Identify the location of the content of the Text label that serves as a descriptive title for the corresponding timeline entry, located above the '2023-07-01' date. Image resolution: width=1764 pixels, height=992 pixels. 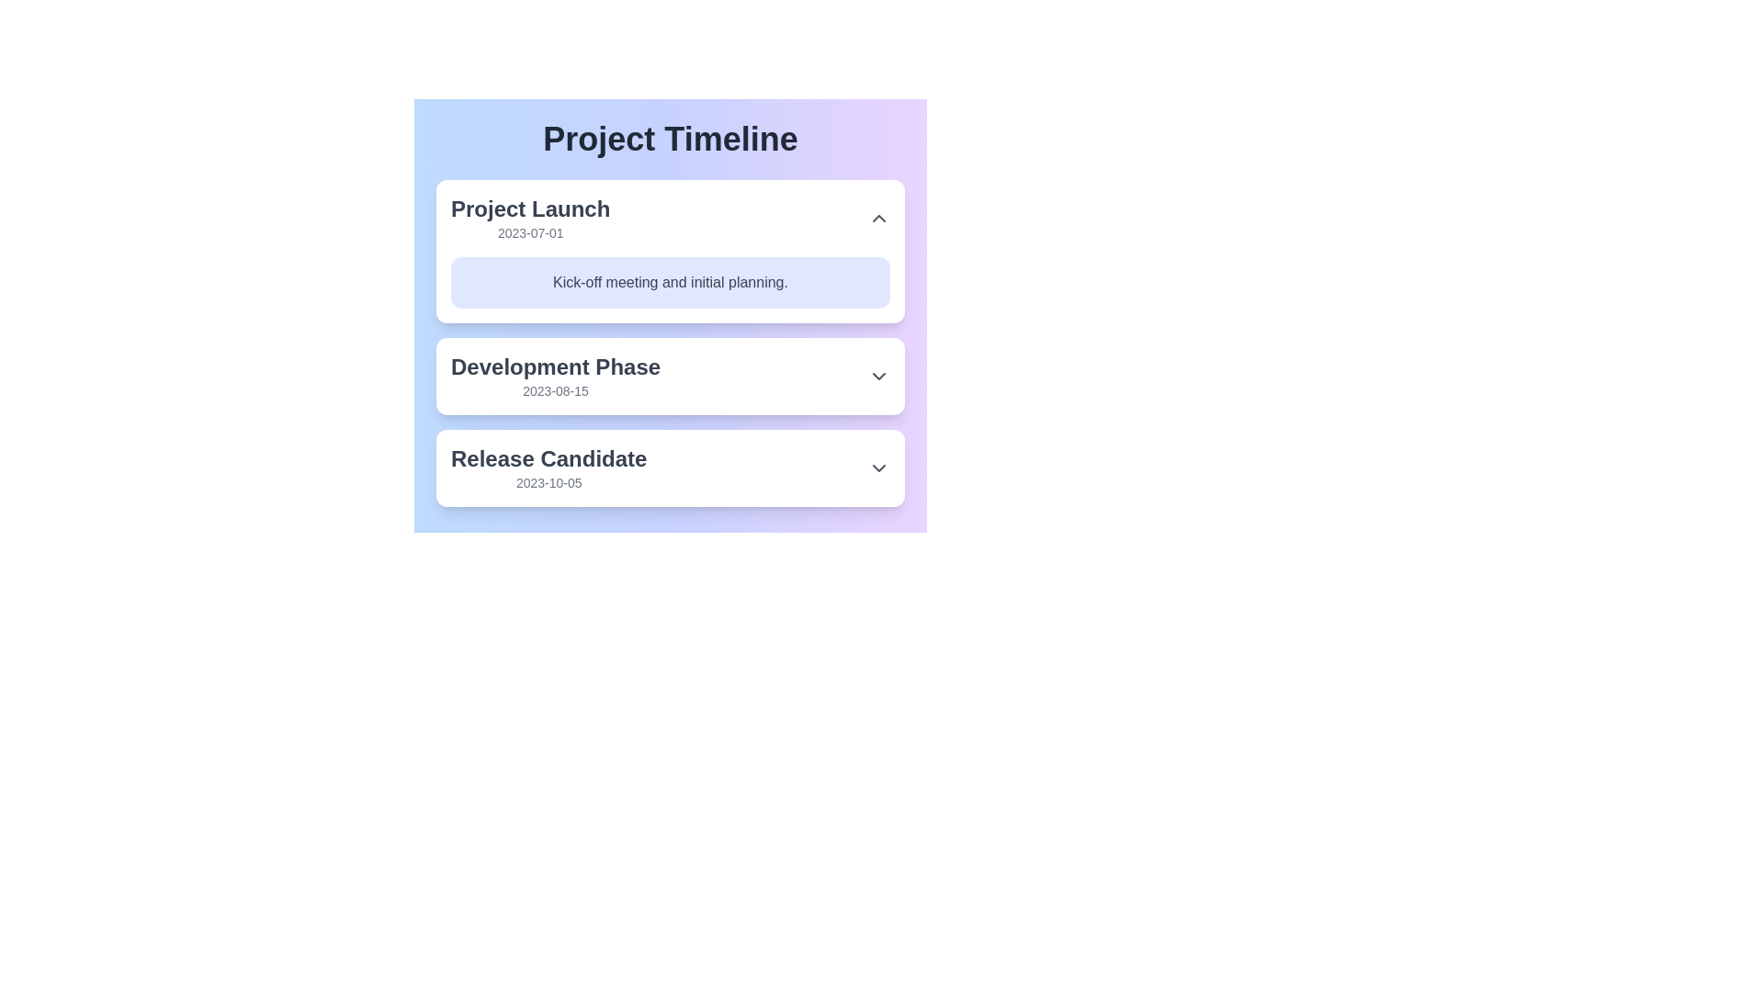
(529, 208).